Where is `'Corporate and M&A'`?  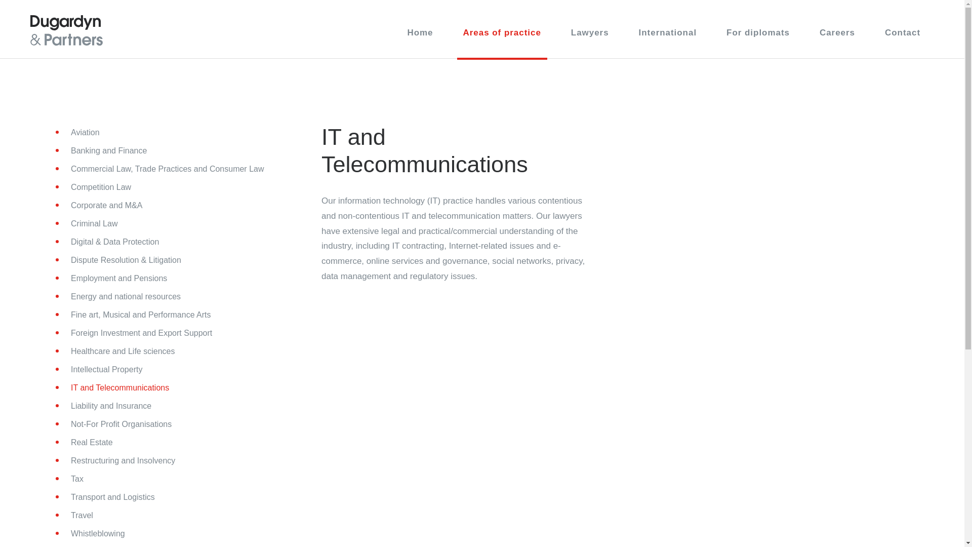 'Corporate and M&A' is located at coordinates (100, 205).